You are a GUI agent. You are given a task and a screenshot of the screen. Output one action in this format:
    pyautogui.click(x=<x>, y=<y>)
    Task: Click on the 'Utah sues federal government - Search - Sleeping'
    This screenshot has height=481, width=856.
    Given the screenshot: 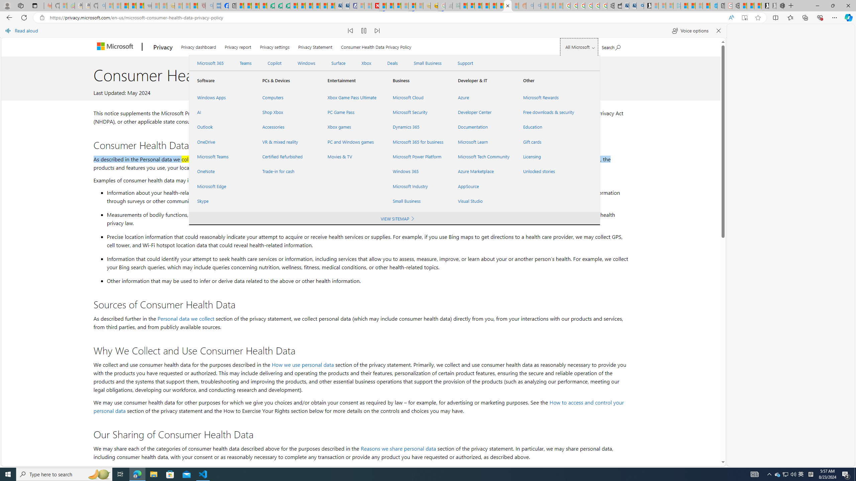 What is the action you would take?
    pyautogui.click(x=537, y=5)
    